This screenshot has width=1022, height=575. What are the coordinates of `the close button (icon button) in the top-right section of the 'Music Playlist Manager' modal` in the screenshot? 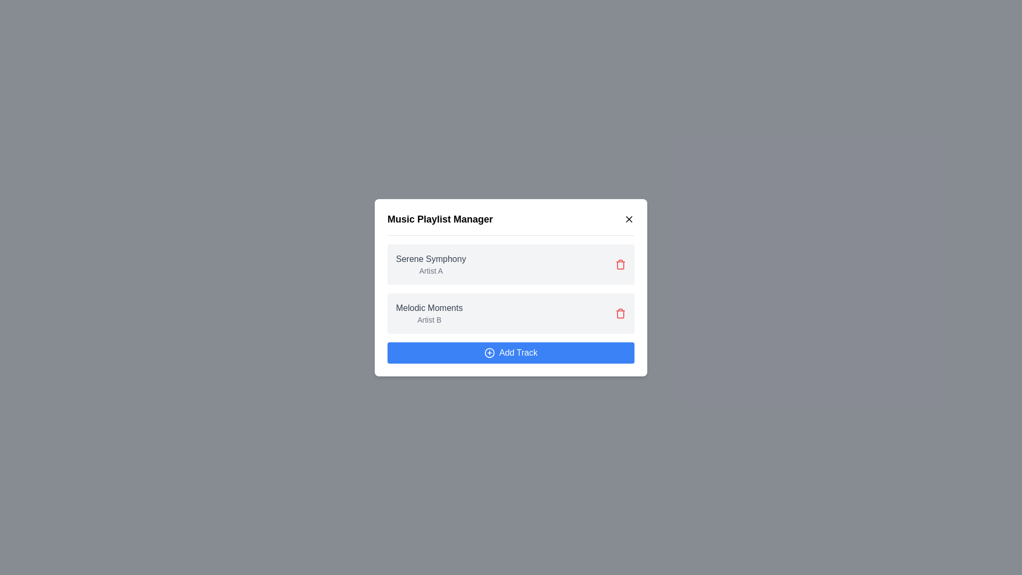 It's located at (629, 218).